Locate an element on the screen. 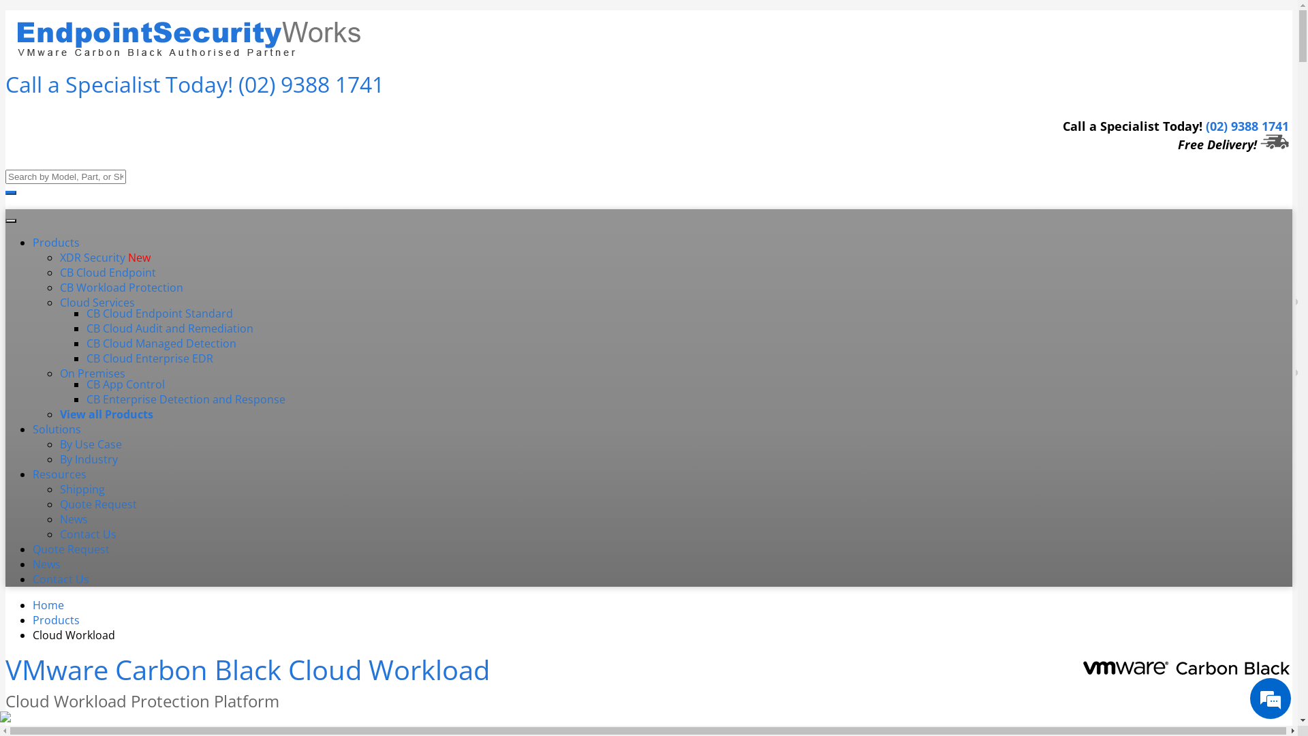 The height and width of the screenshot is (736, 1308). 'CB Cloud Endpoint Standard' is located at coordinates (159, 313).